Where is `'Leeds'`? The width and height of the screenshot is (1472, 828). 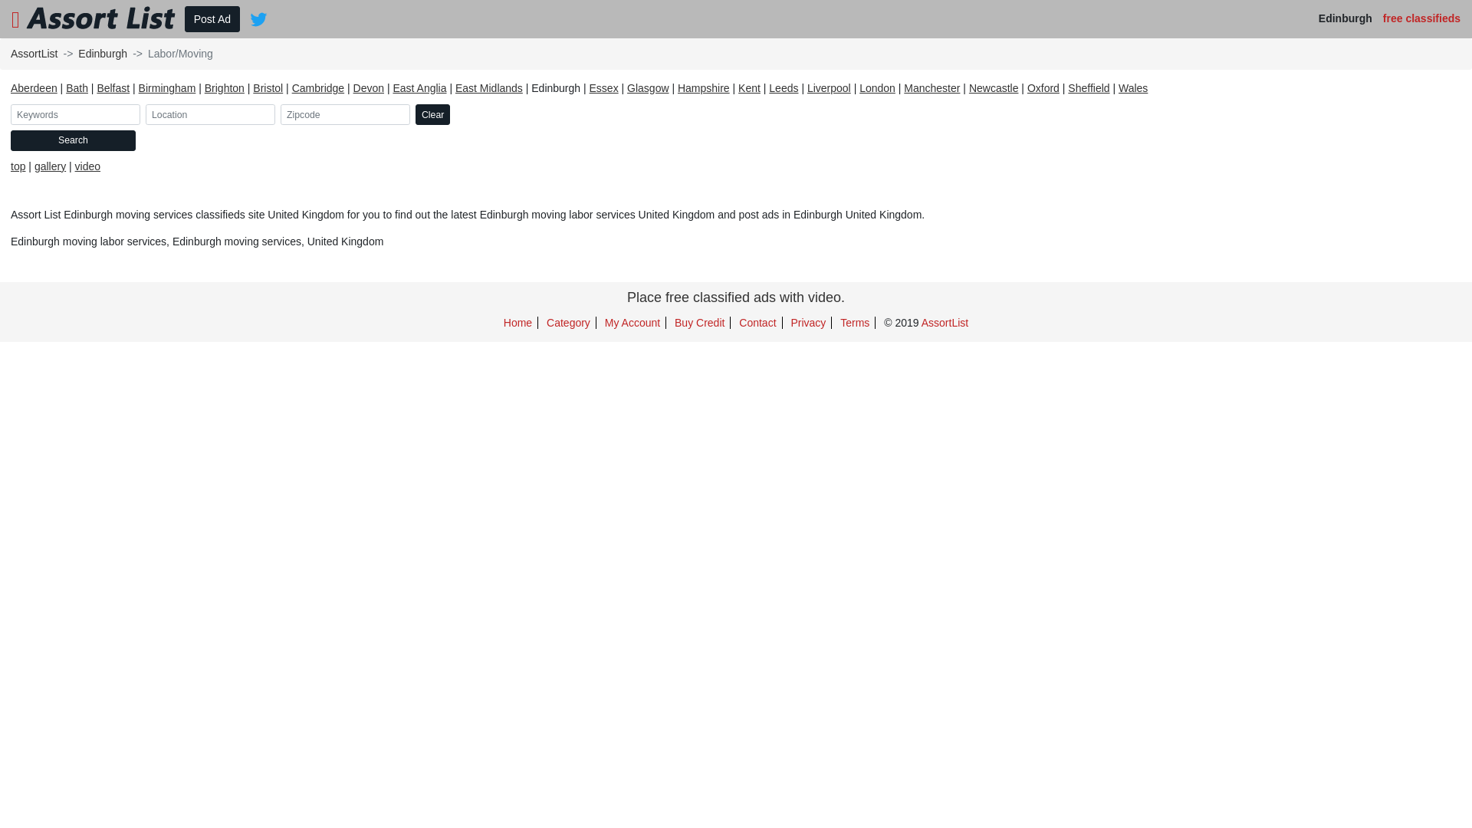 'Leeds' is located at coordinates (784, 88).